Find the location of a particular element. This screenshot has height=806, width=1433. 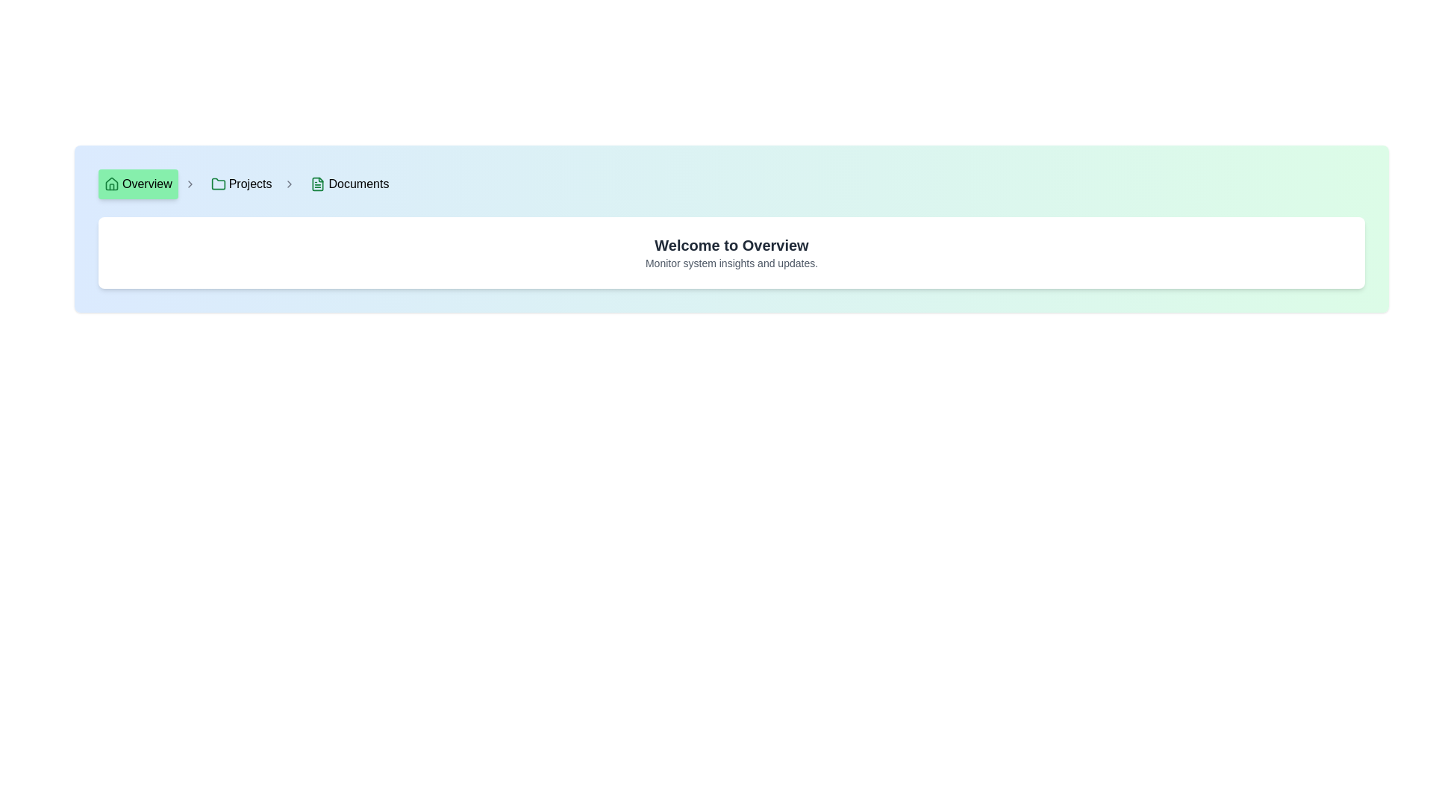

the 'Overview' button is located at coordinates (138, 183).